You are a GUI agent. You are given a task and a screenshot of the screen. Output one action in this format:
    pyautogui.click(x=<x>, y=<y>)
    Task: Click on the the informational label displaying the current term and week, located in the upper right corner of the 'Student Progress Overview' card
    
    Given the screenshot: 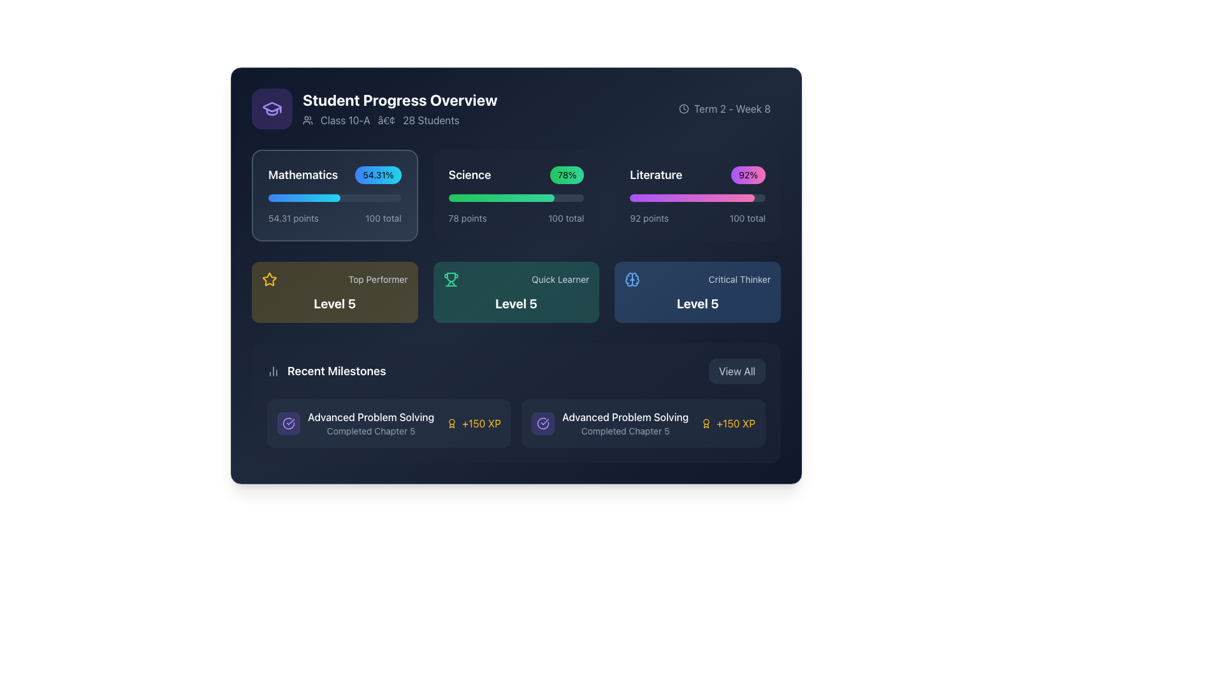 What is the action you would take?
    pyautogui.click(x=724, y=108)
    